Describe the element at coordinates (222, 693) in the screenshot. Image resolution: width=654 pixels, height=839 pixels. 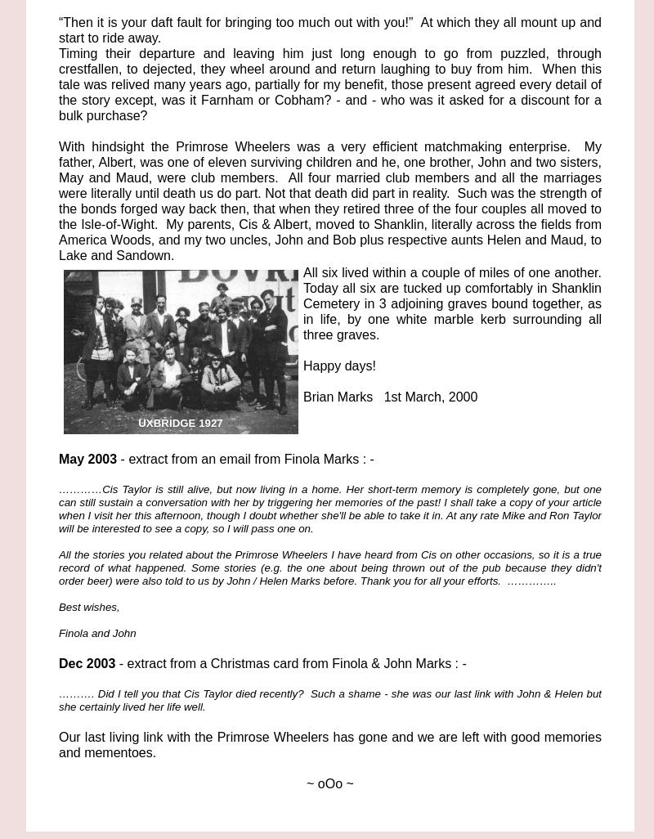
I see `'………. Did I tell you that Cis Taylor died recently?  Such a shame -'` at that location.